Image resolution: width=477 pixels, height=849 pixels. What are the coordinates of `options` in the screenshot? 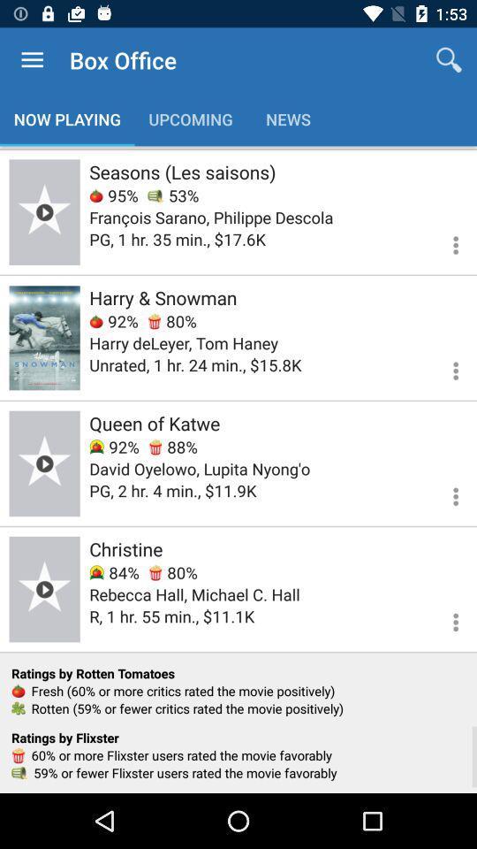 It's located at (444, 367).